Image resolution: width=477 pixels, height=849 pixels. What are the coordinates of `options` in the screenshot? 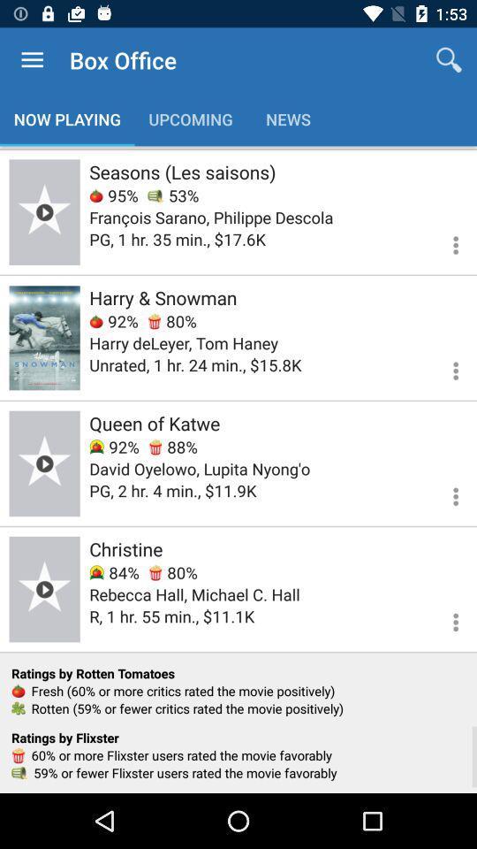 It's located at (444, 367).